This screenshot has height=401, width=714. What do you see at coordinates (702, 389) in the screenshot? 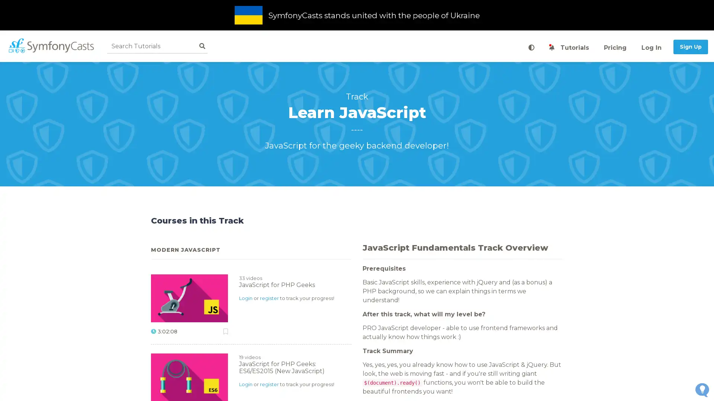
I see `Open Feedback Widget` at bounding box center [702, 389].